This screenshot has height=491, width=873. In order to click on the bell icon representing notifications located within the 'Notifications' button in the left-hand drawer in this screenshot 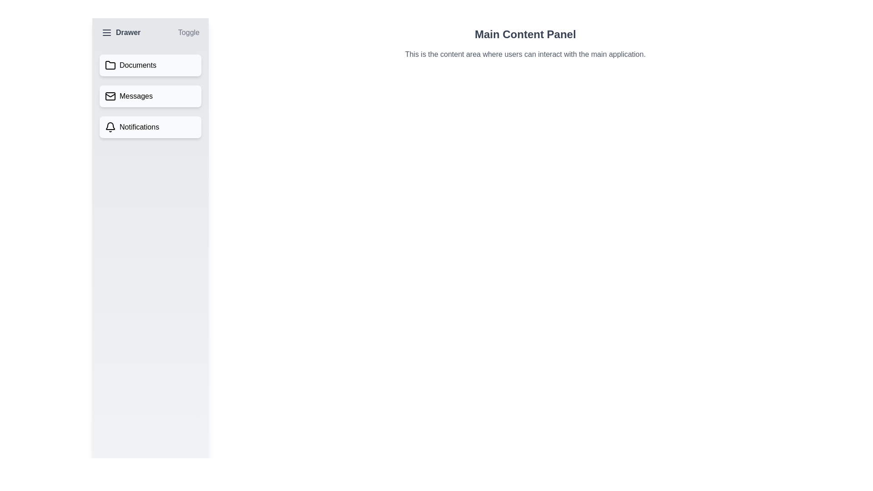, I will do `click(110, 126)`.